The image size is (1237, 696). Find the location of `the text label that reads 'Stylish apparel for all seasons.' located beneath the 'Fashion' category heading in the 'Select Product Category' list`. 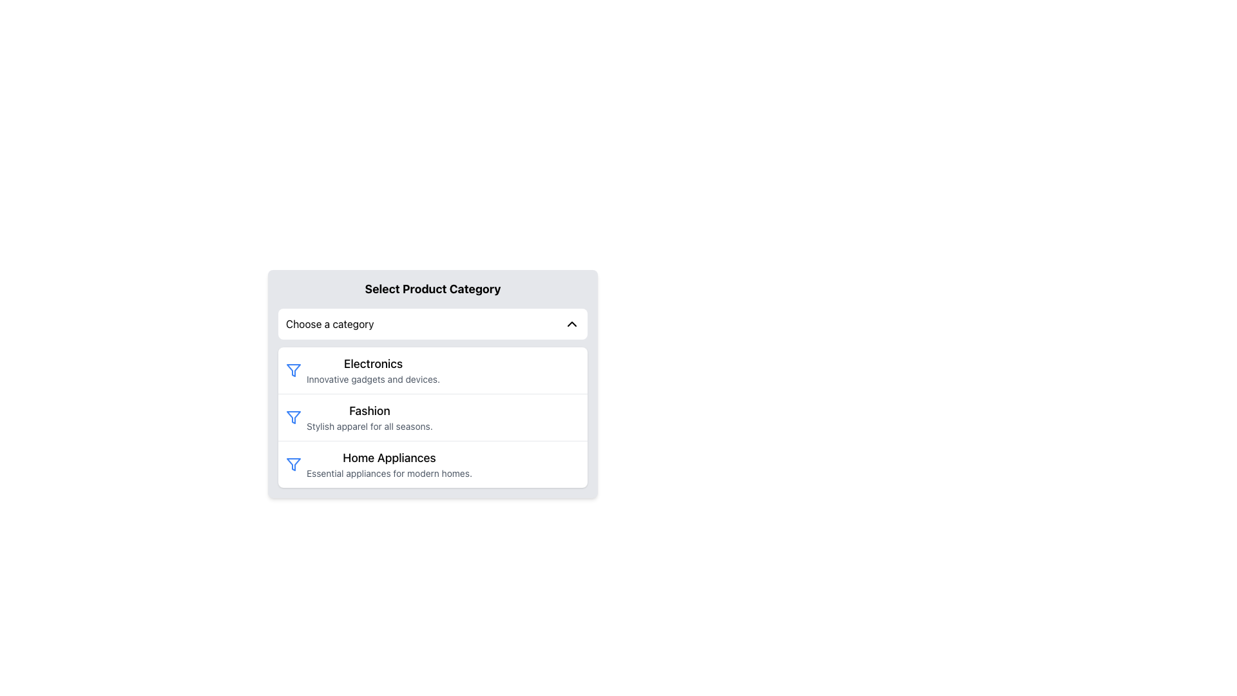

the text label that reads 'Stylish apparel for all seasons.' located beneath the 'Fashion' category heading in the 'Select Product Category' list is located at coordinates (369, 427).